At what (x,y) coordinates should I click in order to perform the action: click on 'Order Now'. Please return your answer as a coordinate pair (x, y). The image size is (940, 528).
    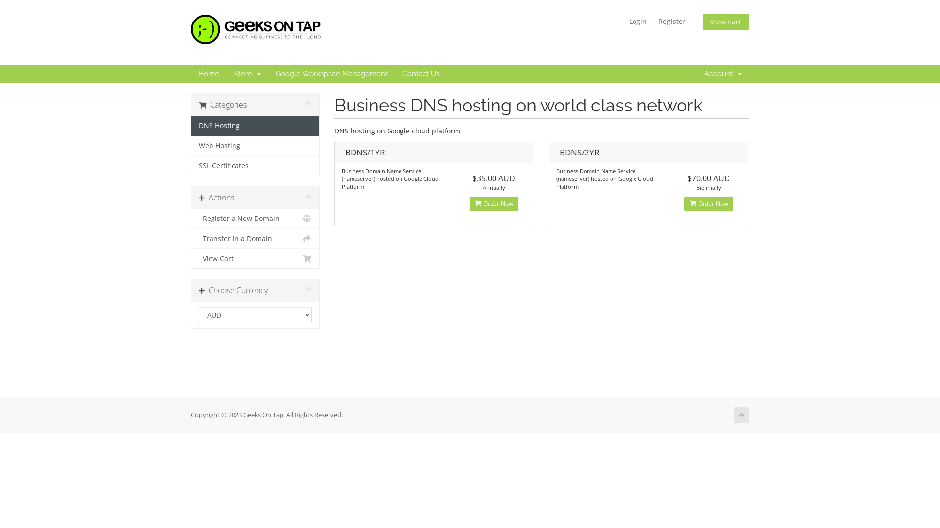
    Looking at the image, I should click on (469, 203).